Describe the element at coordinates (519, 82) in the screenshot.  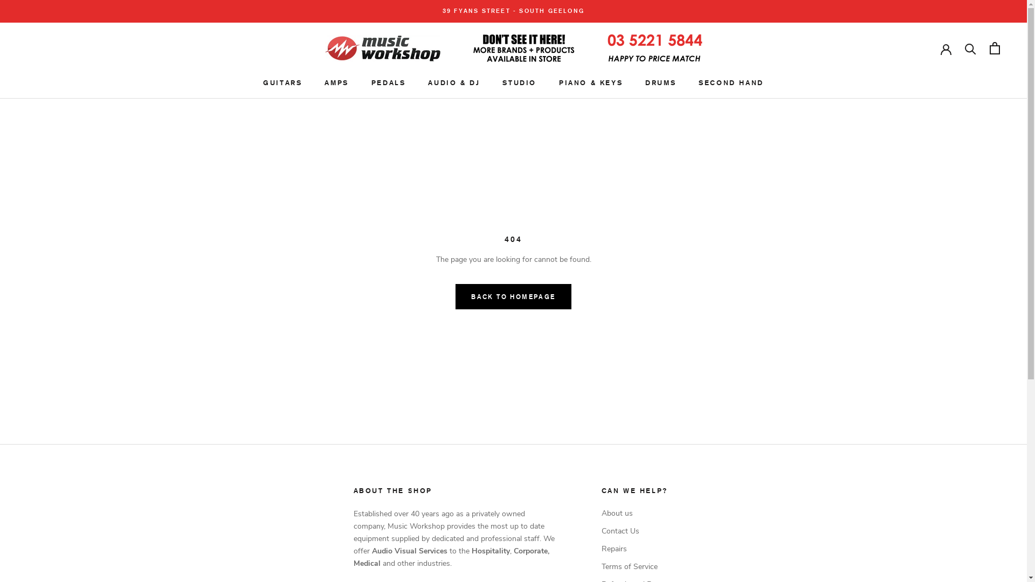
I see `'STUDIO'` at that location.